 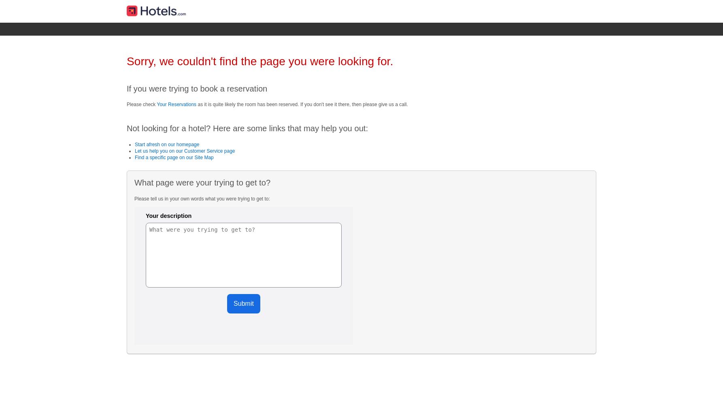 What do you see at coordinates (135, 144) in the screenshot?
I see `'Start afresh on our homepage'` at bounding box center [135, 144].